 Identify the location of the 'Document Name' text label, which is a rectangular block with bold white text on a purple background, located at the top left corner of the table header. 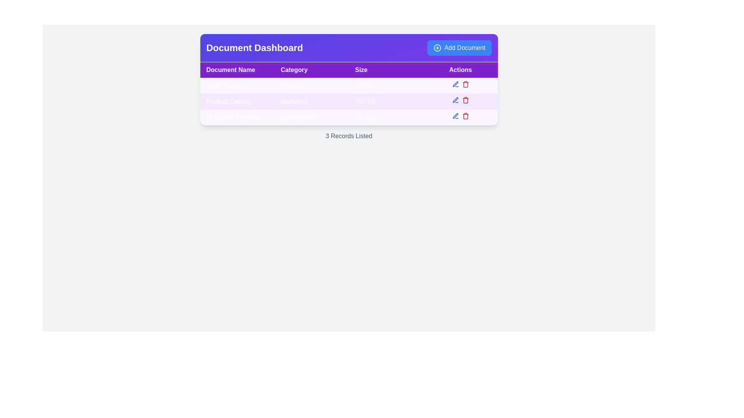
(237, 70).